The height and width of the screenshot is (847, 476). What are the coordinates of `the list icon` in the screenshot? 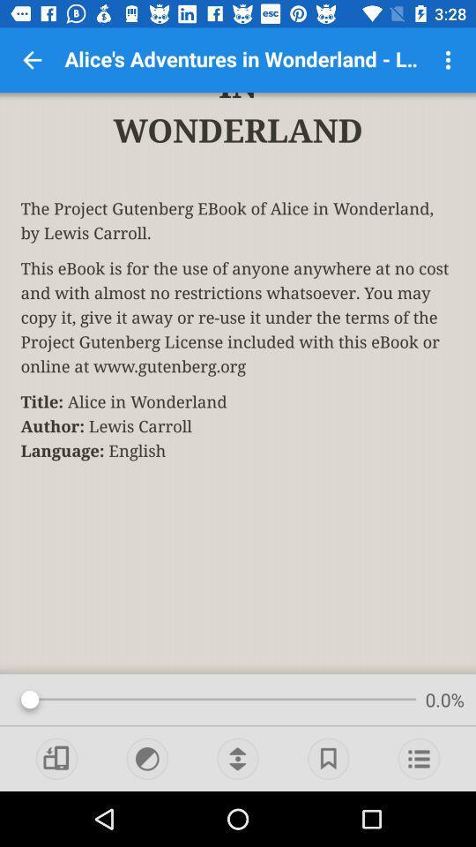 It's located at (418, 758).